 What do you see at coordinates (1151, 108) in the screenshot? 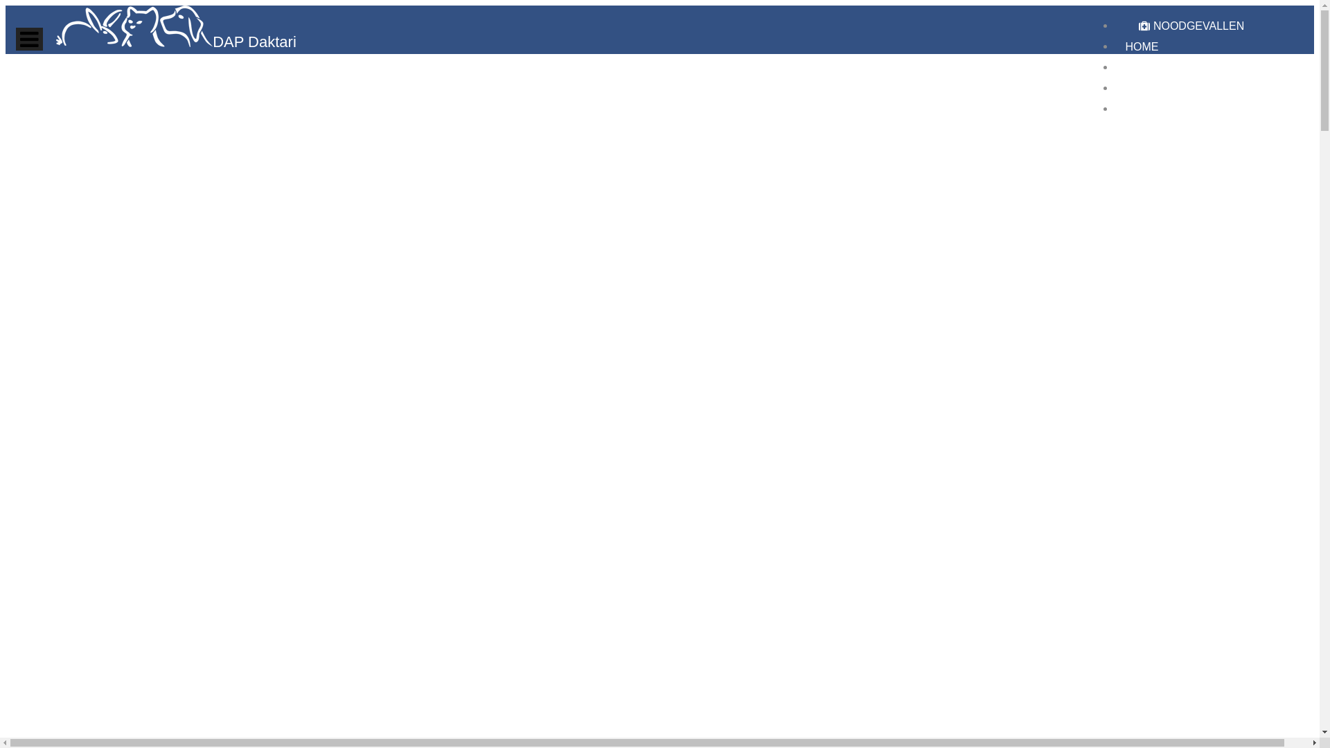
I see `'CONTACT'` at bounding box center [1151, 108].